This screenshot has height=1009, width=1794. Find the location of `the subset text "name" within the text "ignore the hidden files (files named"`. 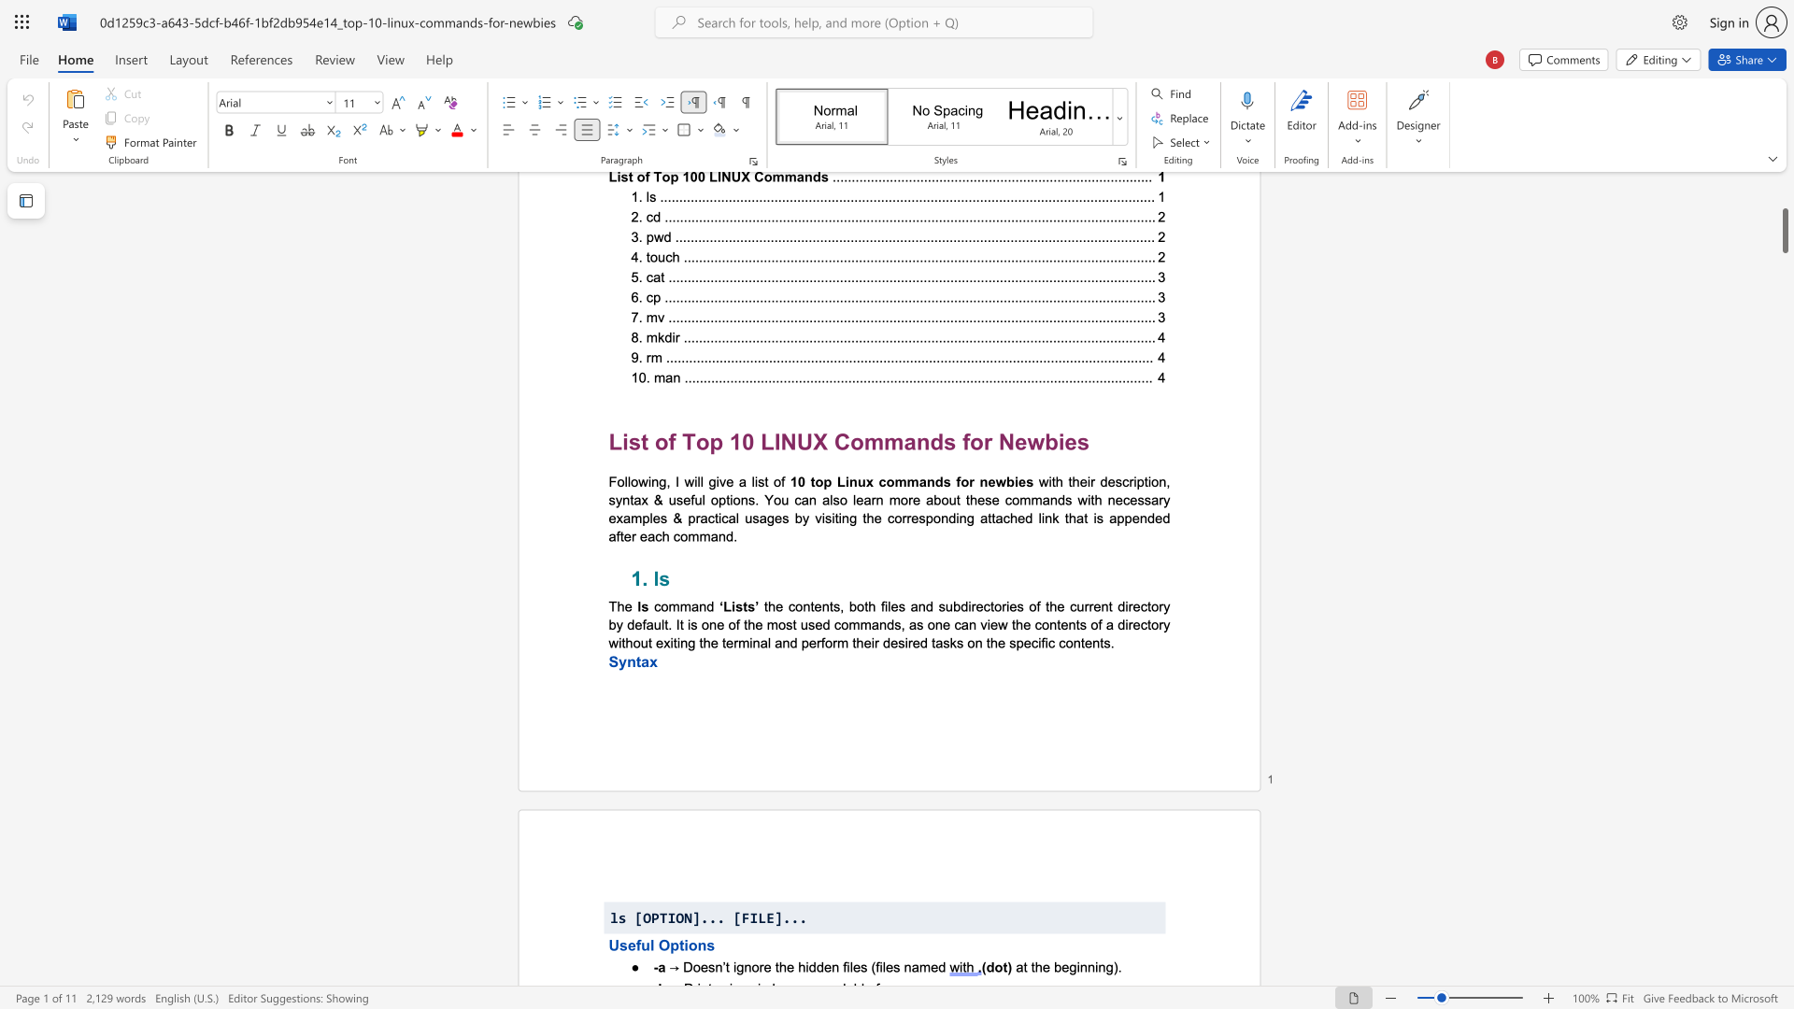

the subset text "name" within the text "ignore the hidden files (files named" is located at coordinates (904, 966).